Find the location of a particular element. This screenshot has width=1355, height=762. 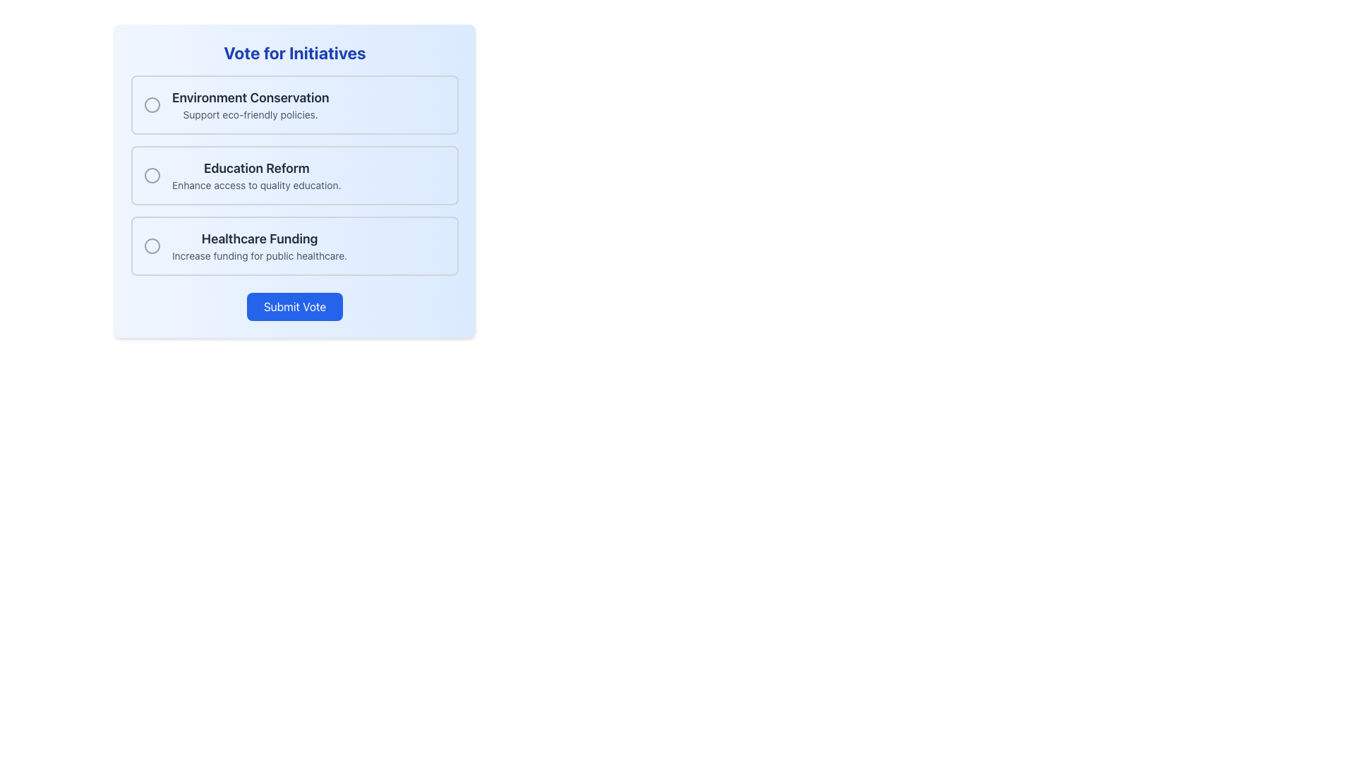

the center of the radio button associated with the 'Education Reform' option is located at coordinates (152, 175).